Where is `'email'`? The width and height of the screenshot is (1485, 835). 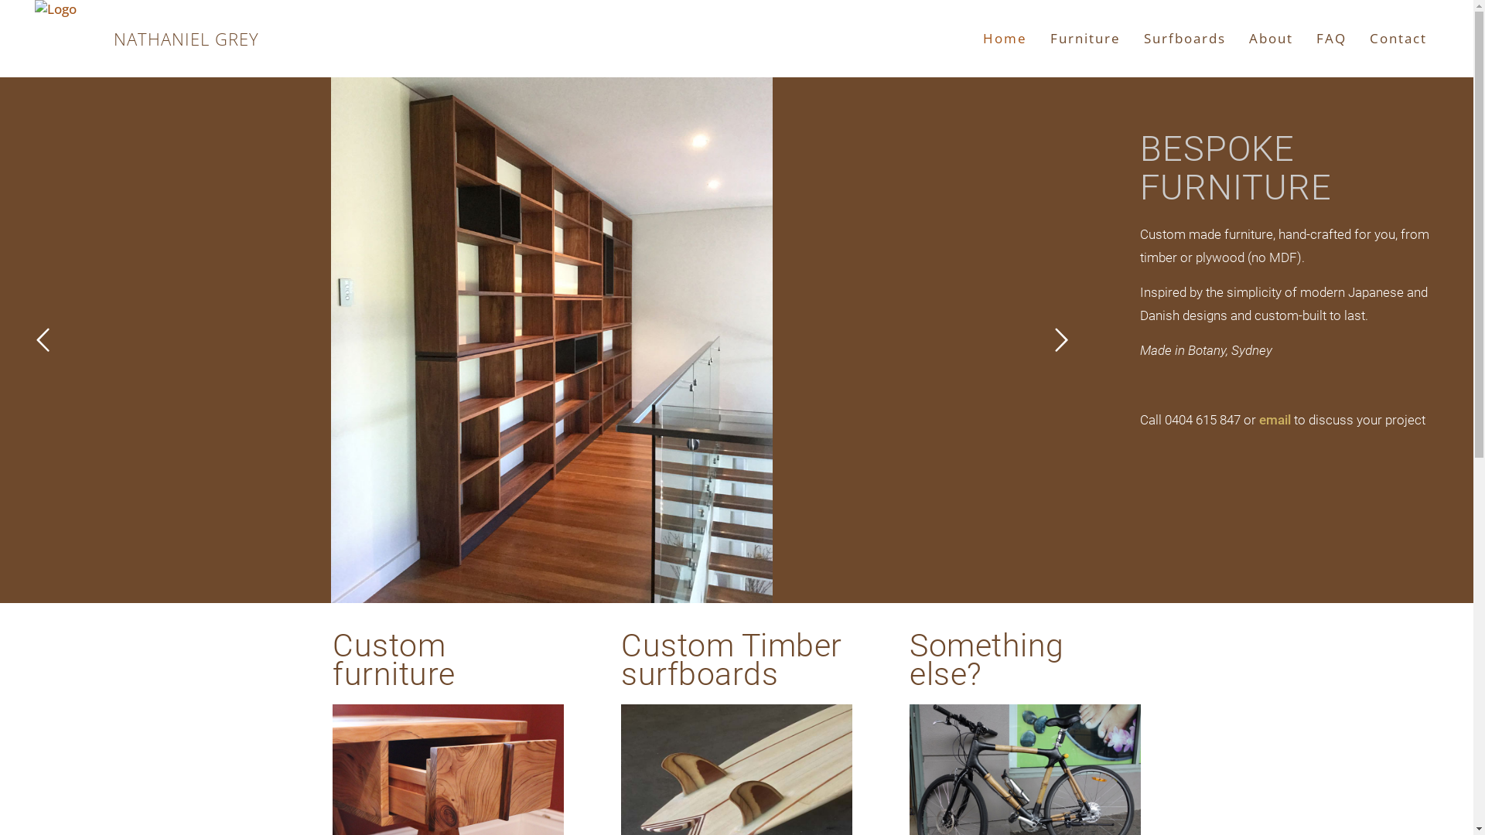
'email' is located at coordinates (1258, 420).